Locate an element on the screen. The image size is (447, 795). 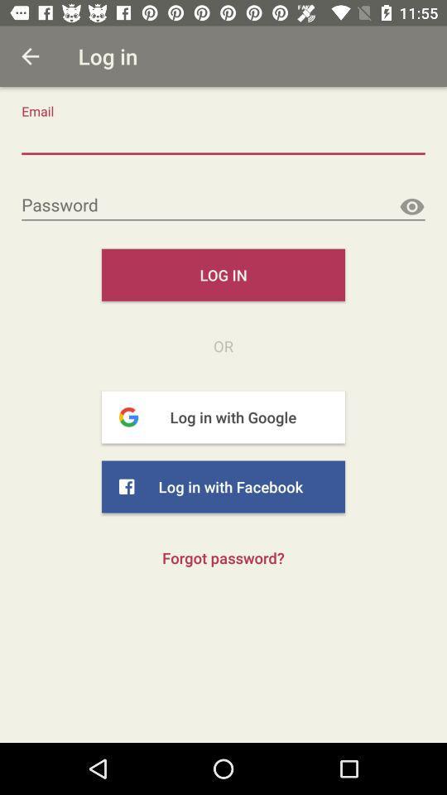
go back is located at coordinates (30, 56).